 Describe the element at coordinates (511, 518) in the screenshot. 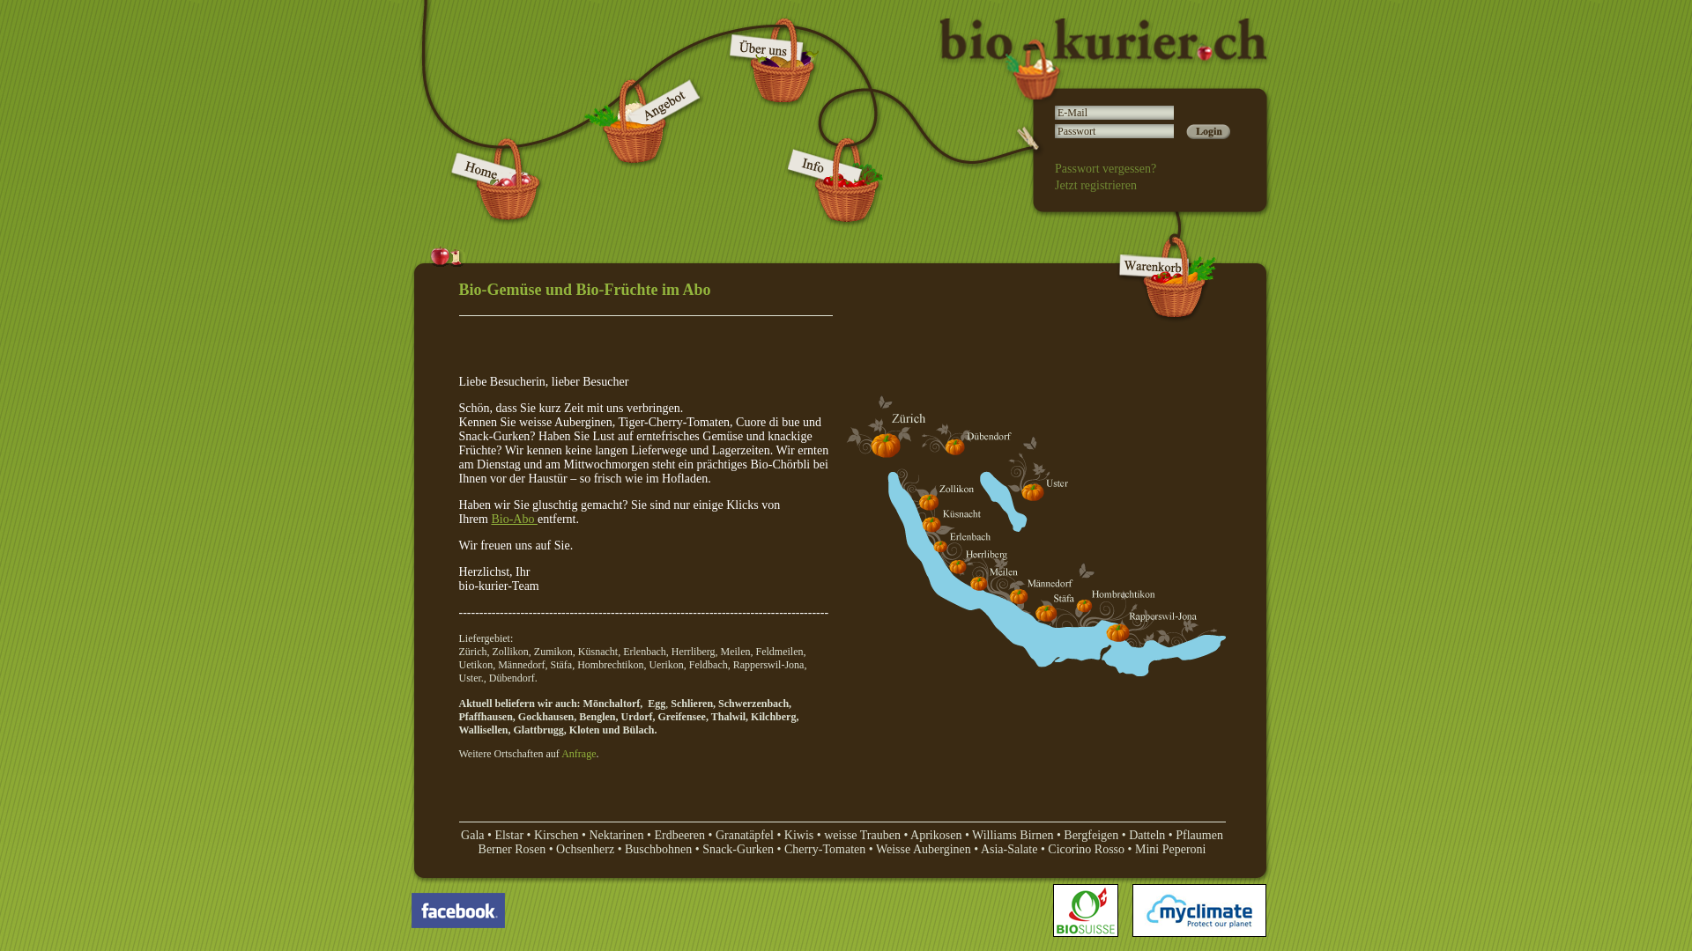

I see `' Bio-Abo '` at that location.